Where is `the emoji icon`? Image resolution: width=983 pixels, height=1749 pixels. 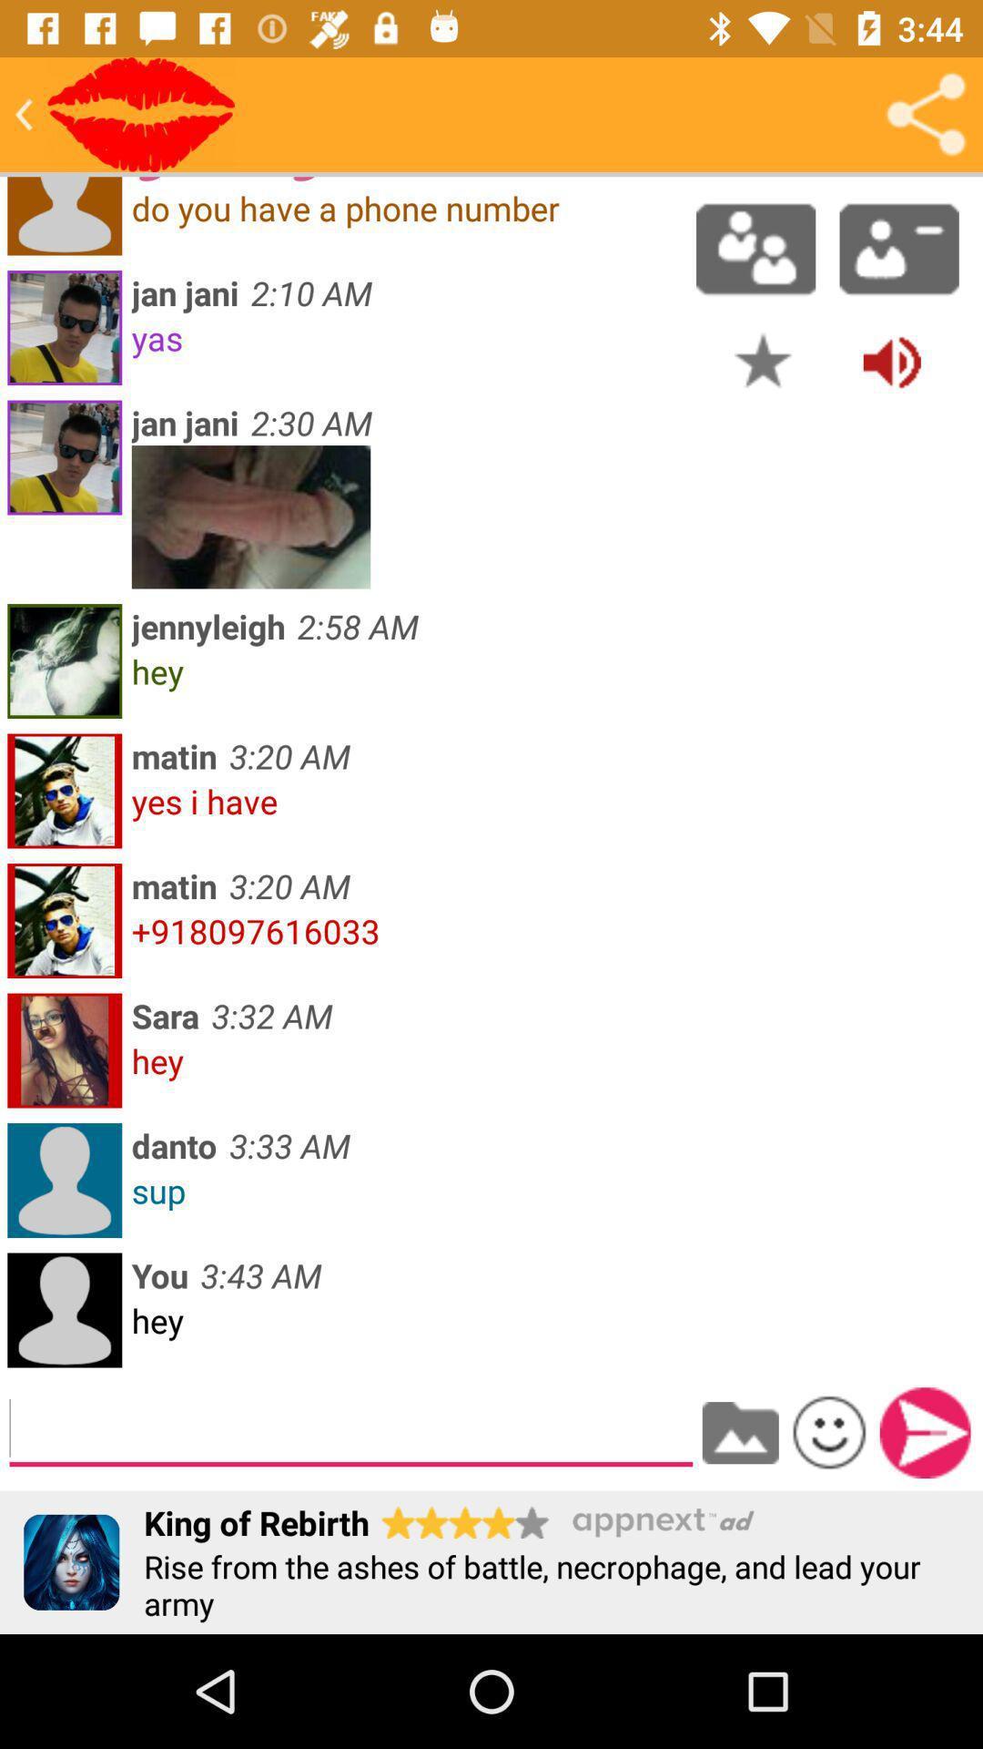
the emoji icon is located at coordinates (829, 1431).